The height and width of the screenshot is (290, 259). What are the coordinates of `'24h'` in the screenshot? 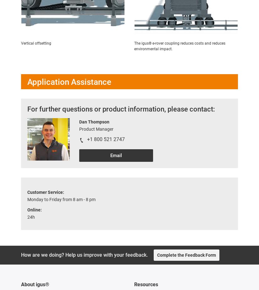 It's located at (30, 216).